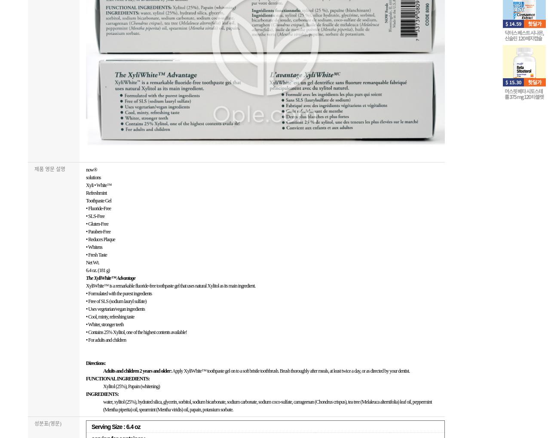 The height and width of the screenshot is (438, 548). I want to click on '• Whiter, stronger teeth', so click(104, 324).